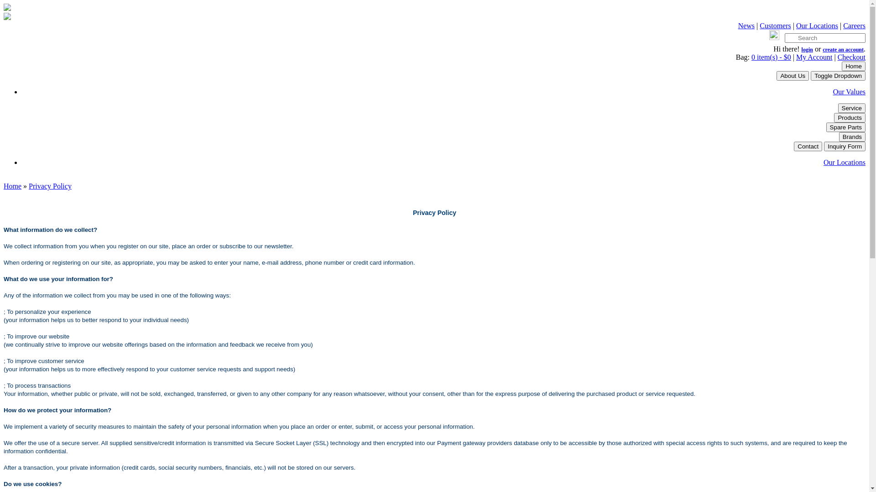 The width and height of the screenshot is (876, 492). I want to click on 'About Us', so click(776, 75).